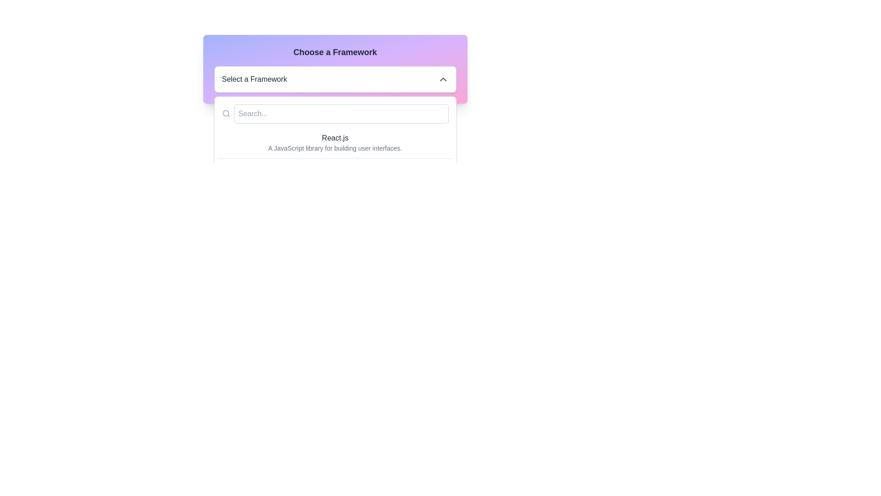 The height and width of the screenshot is (496, 881). What do you see at coordinates (335, 68) in the screenshot?
I see `the dropdown menu labeled 'Choose a Framework'` at bounding box center [335, 68].